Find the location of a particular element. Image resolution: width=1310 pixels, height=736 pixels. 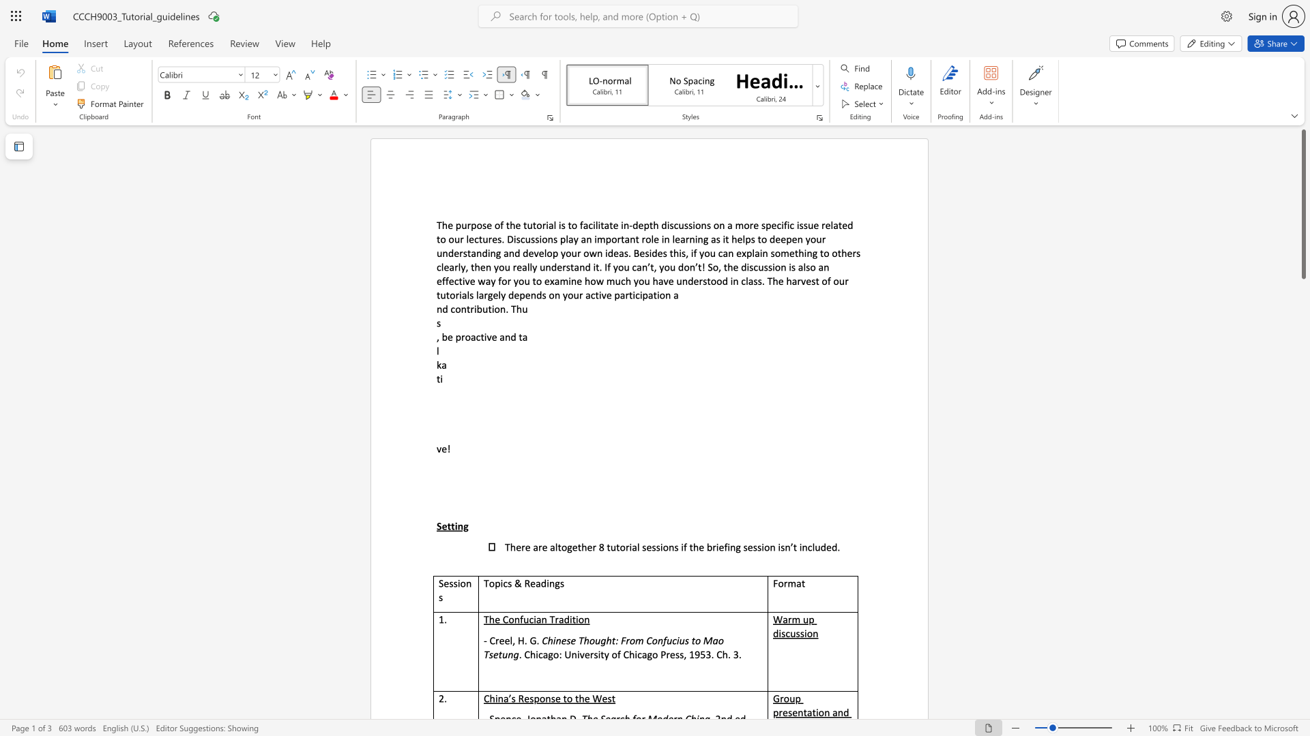

the scrollbar to adjust the page downward is located at coordinates (1302, 497).